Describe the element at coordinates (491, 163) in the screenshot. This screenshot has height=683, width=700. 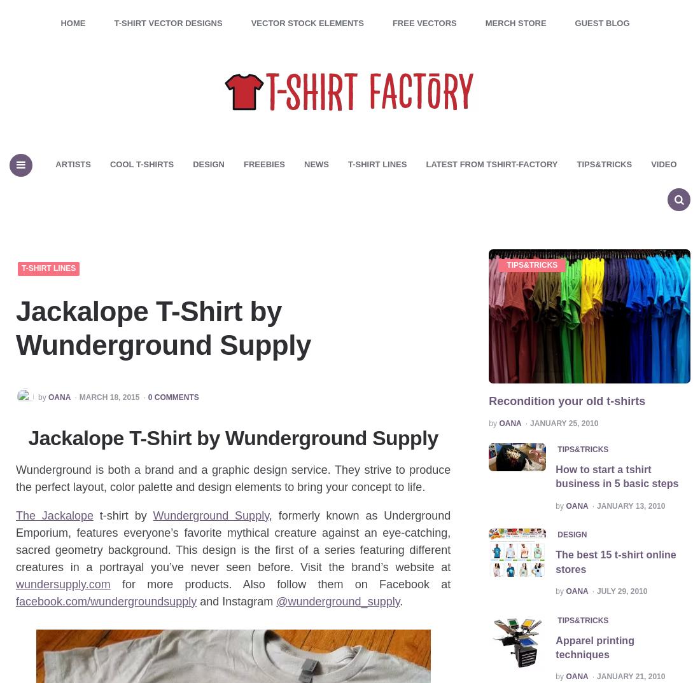
I see `'Latest from Tshirt-Factory'` at that location.